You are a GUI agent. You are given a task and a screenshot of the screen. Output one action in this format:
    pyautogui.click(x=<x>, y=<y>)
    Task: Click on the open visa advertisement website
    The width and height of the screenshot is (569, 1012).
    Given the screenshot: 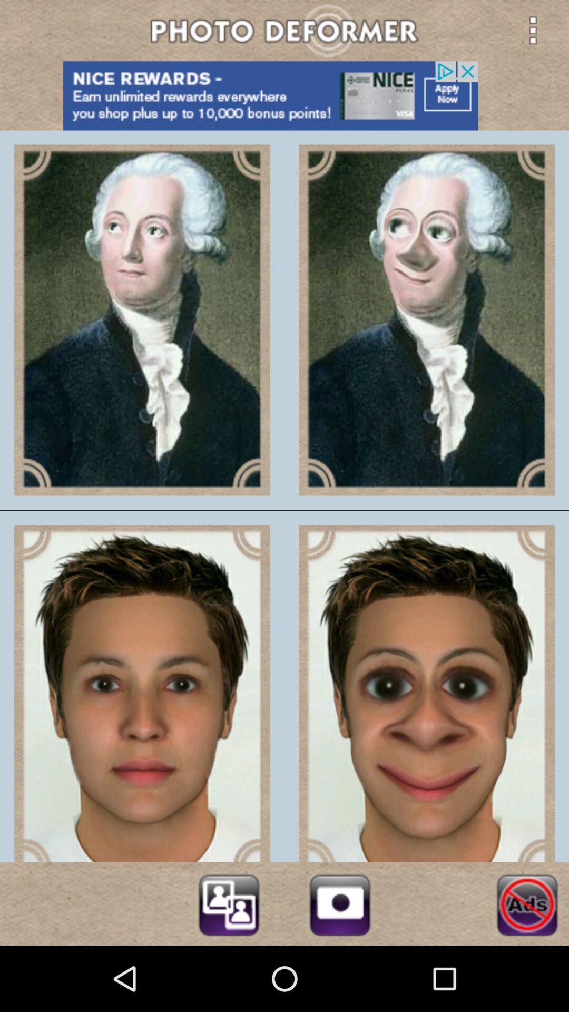 What is the action you would take?
    pyautogui.click(x=284, y=95)
    